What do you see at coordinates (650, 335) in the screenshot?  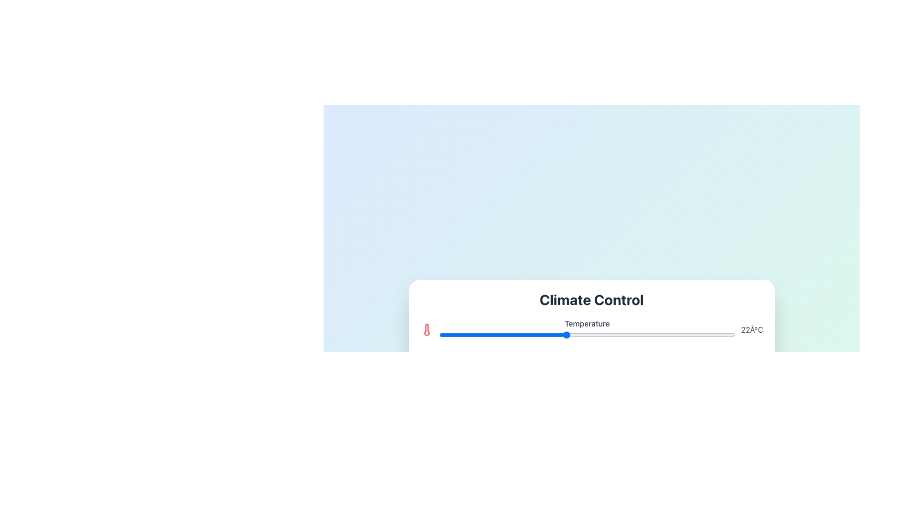 I see `the temperature slider` at bounding box center [650, 335].